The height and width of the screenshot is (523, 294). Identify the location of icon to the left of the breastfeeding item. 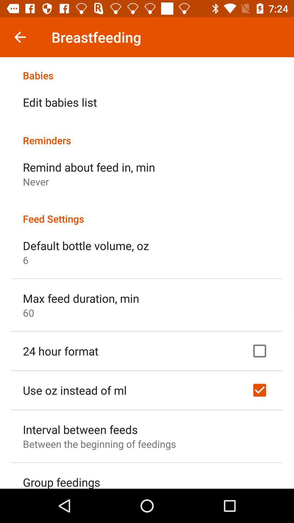
(20, 37).